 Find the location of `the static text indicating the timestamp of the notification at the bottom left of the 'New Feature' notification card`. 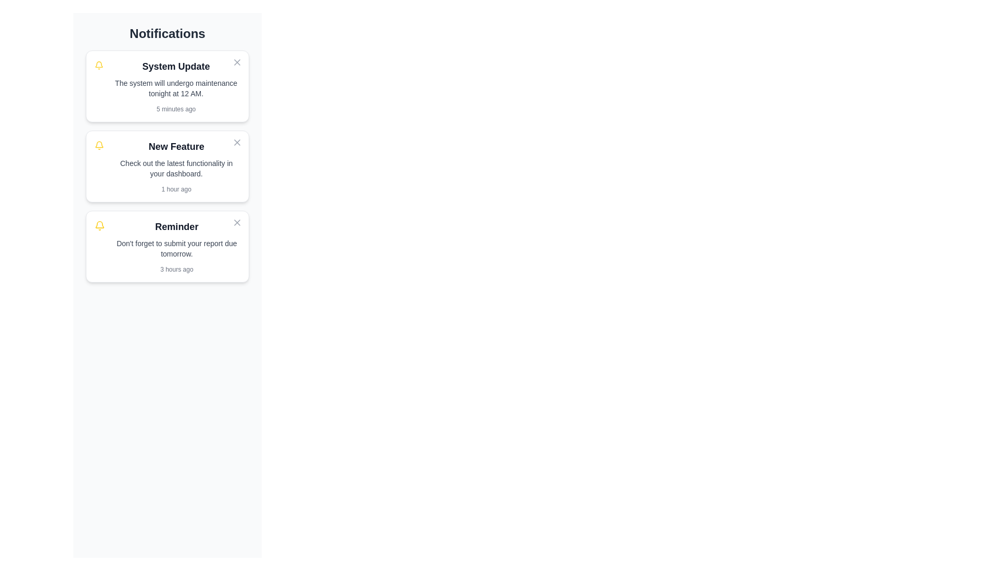

the static text indicating the timestamp of the notification at the bottom left of the 'New Feature' notification card is located at coordinates (176, 189).